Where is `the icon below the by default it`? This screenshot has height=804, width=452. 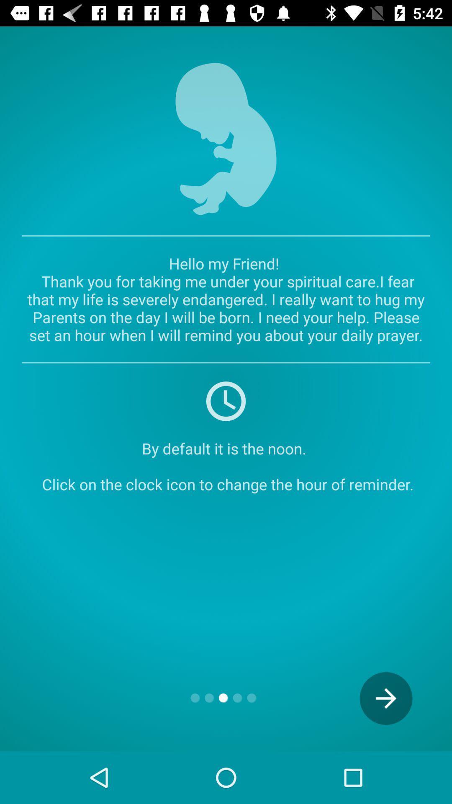 the icon below the by default it is located at coordinates (386, 698).